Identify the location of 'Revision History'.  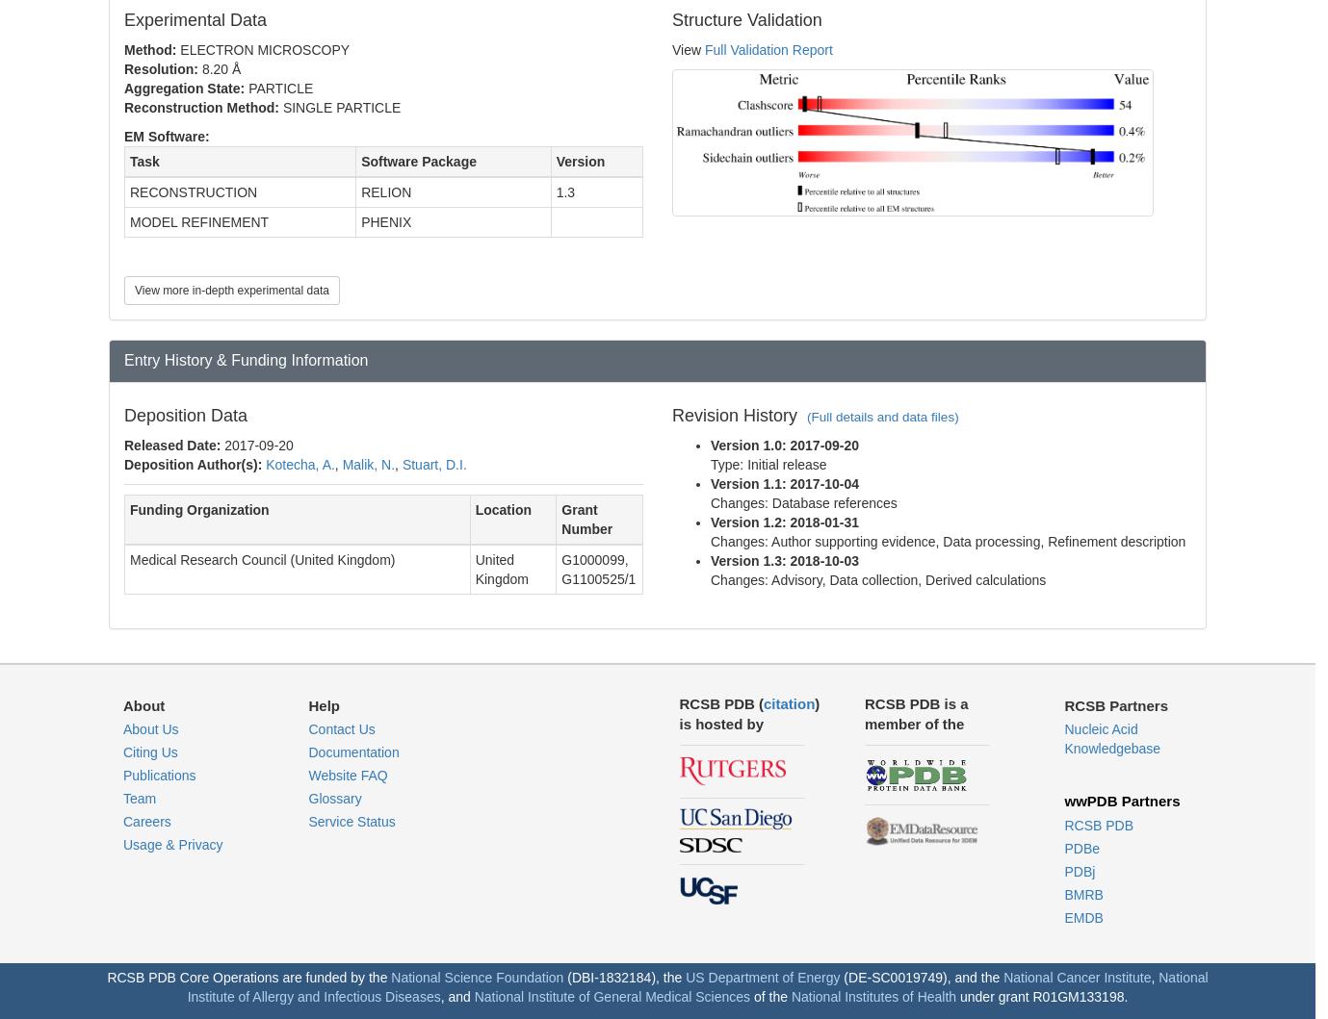
(739, 415).